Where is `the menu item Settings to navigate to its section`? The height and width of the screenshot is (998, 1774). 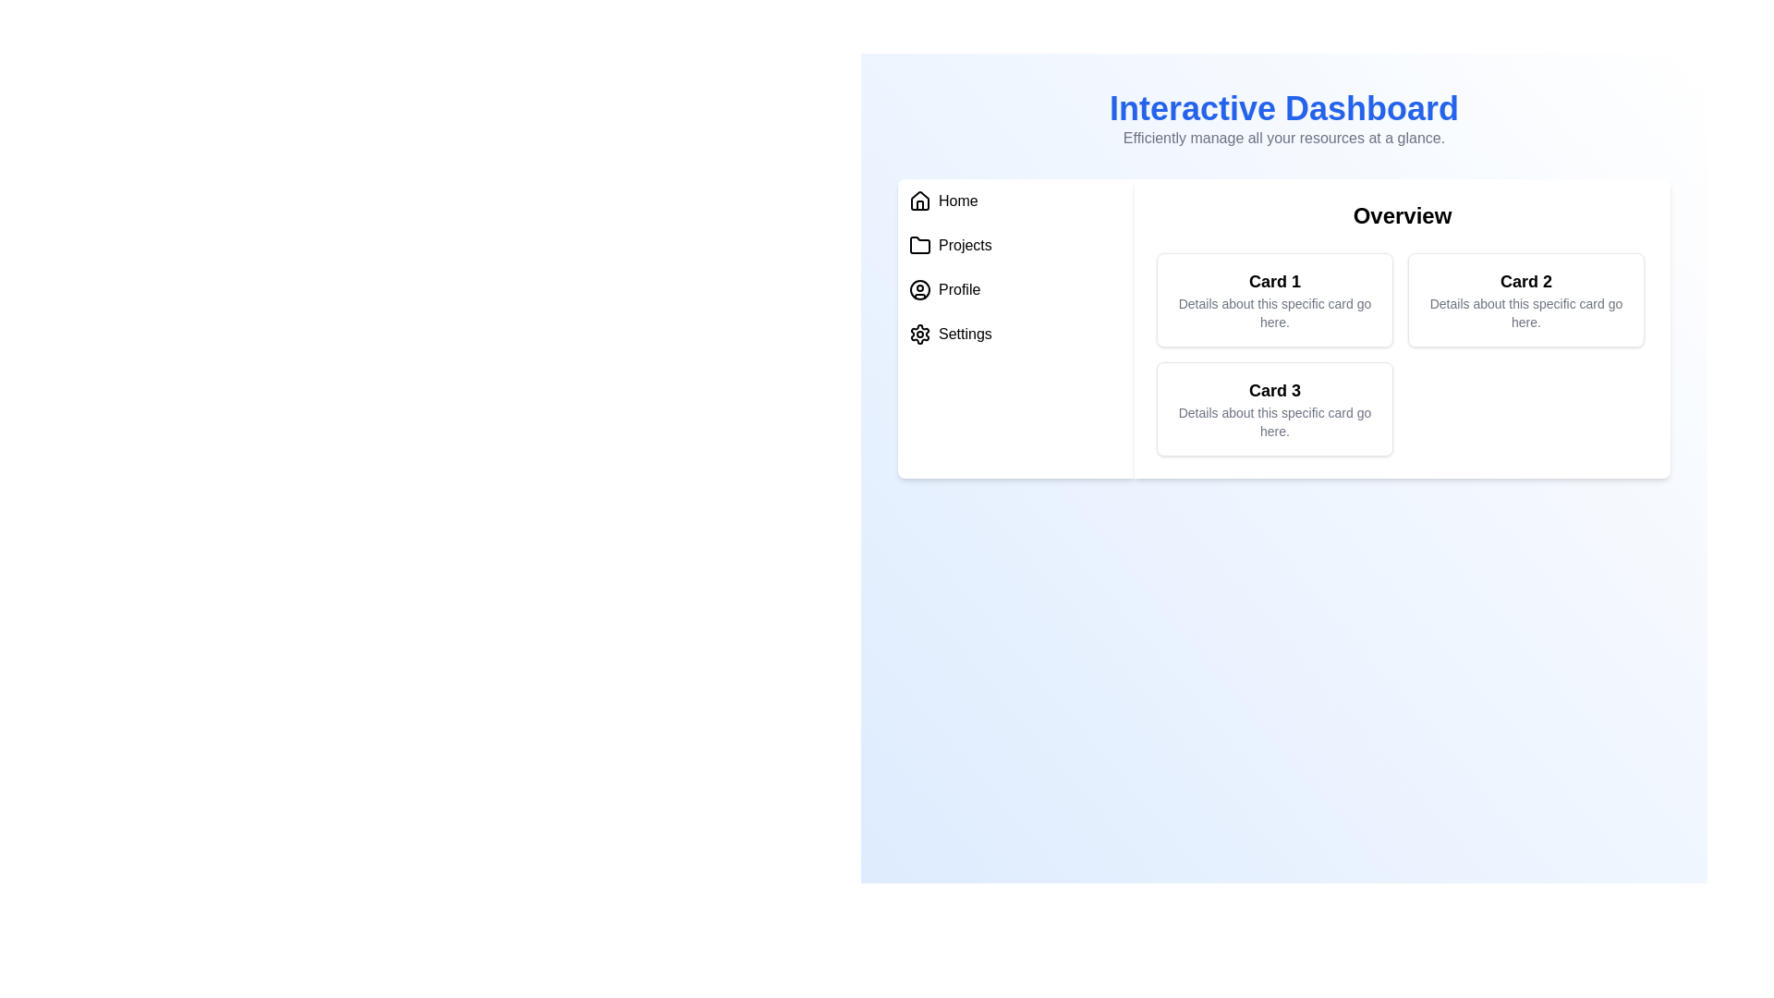
the menu item Settings to navigate to its section is located at coordinates (1015, 335).